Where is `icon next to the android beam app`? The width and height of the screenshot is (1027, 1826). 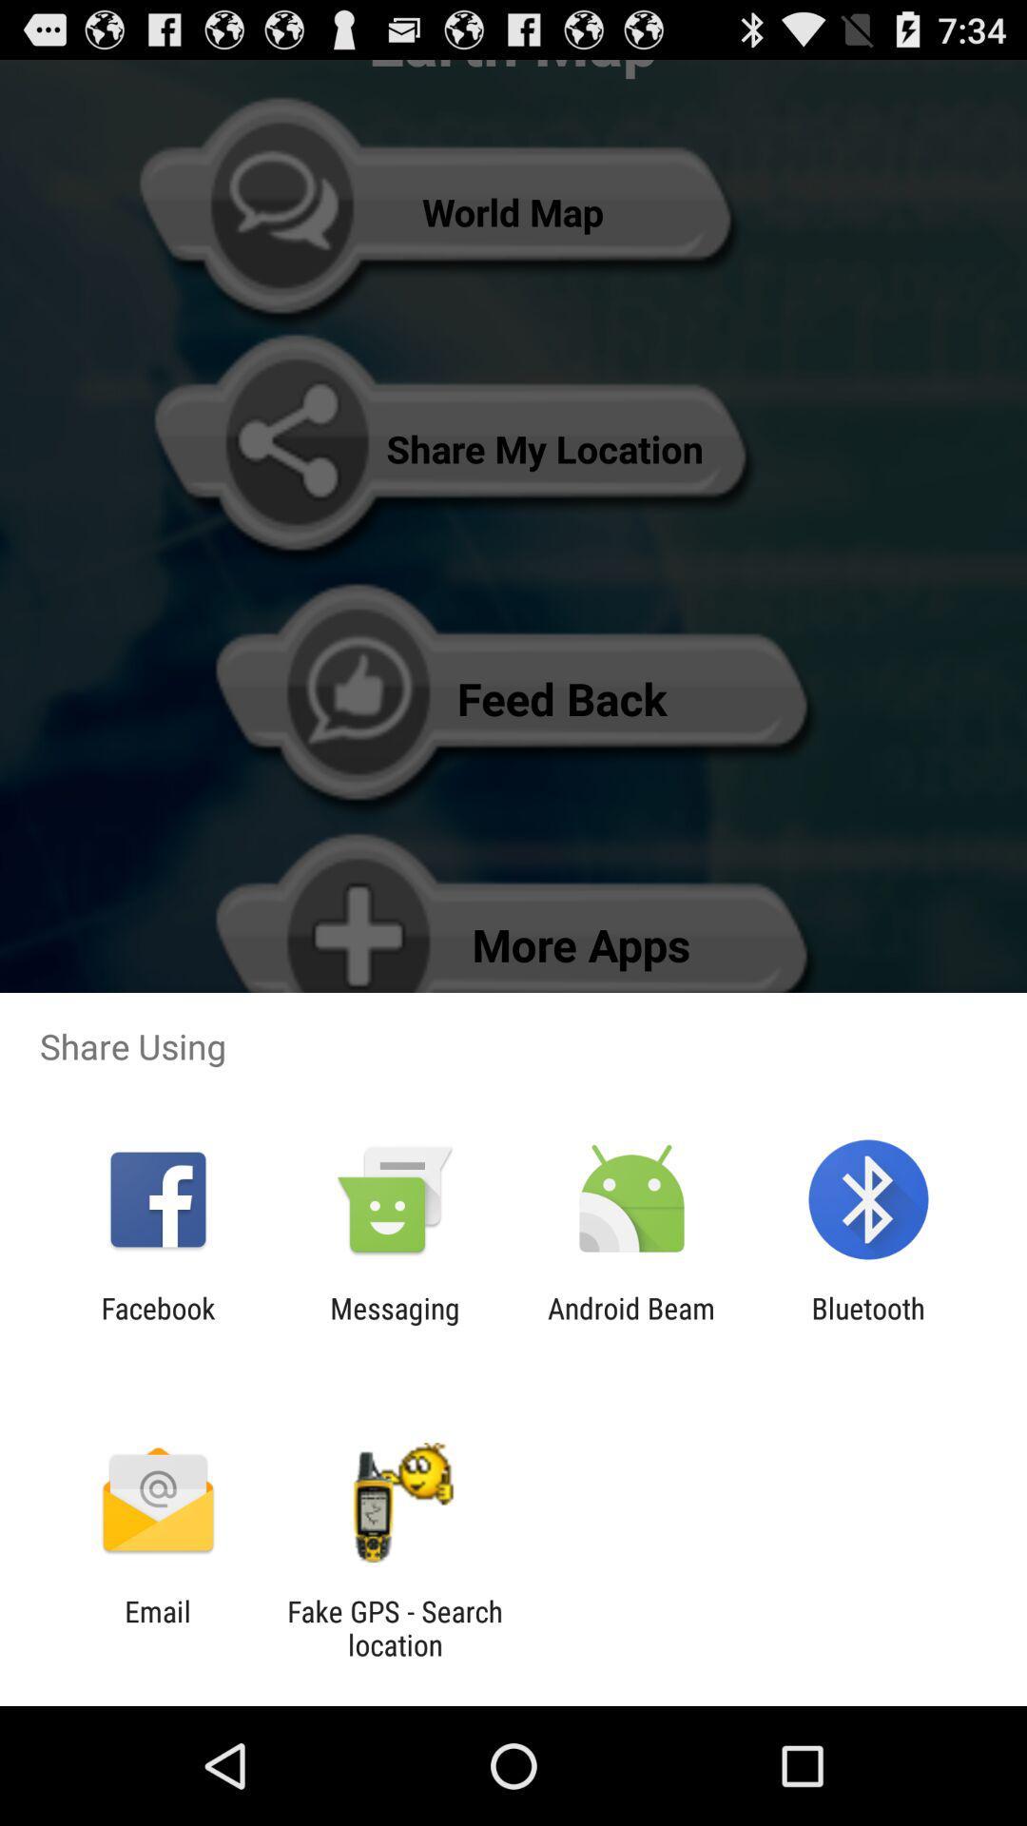 icon next to the android beam app is located at coordinates (394, 1324).